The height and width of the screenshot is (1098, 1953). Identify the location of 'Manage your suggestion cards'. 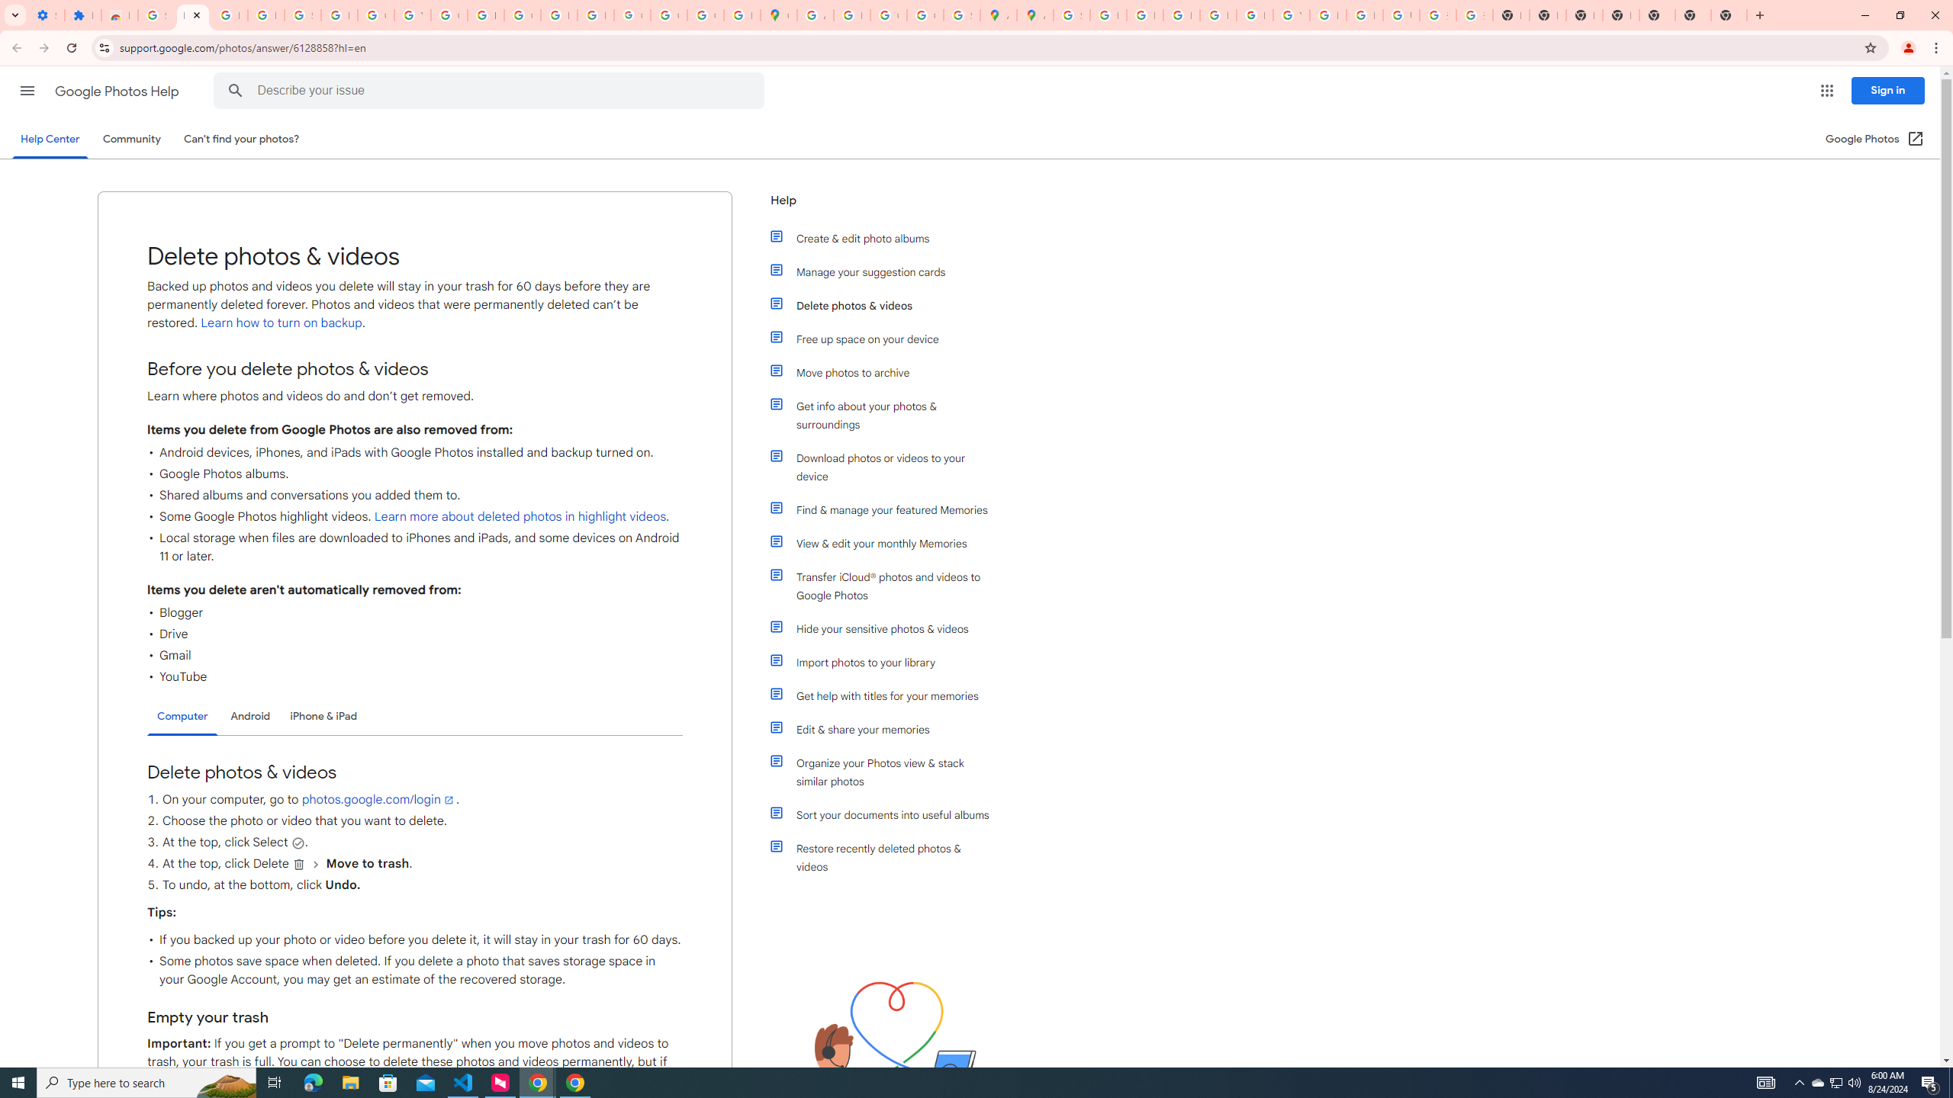
(886, 271).